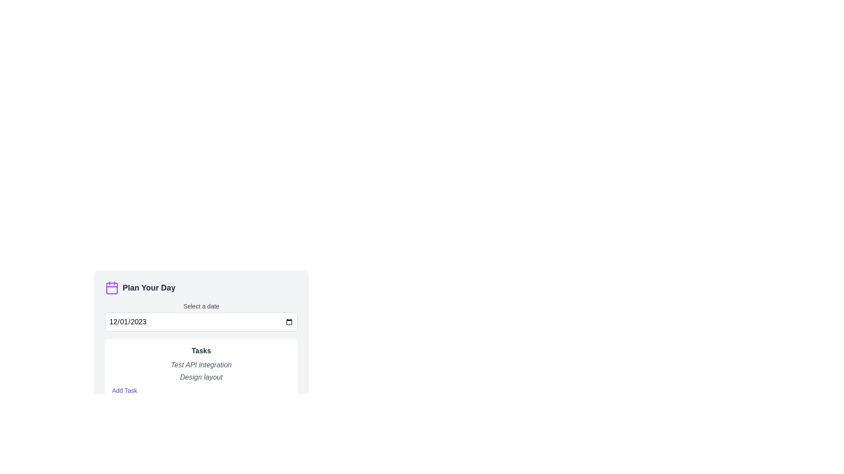 The width and height of the screenshot is (844, 474). What do you see at coordinates (200, 327) in the screenshot?
I see `the date input field of the planner interface to select a date` at bounding box center [200, 327].